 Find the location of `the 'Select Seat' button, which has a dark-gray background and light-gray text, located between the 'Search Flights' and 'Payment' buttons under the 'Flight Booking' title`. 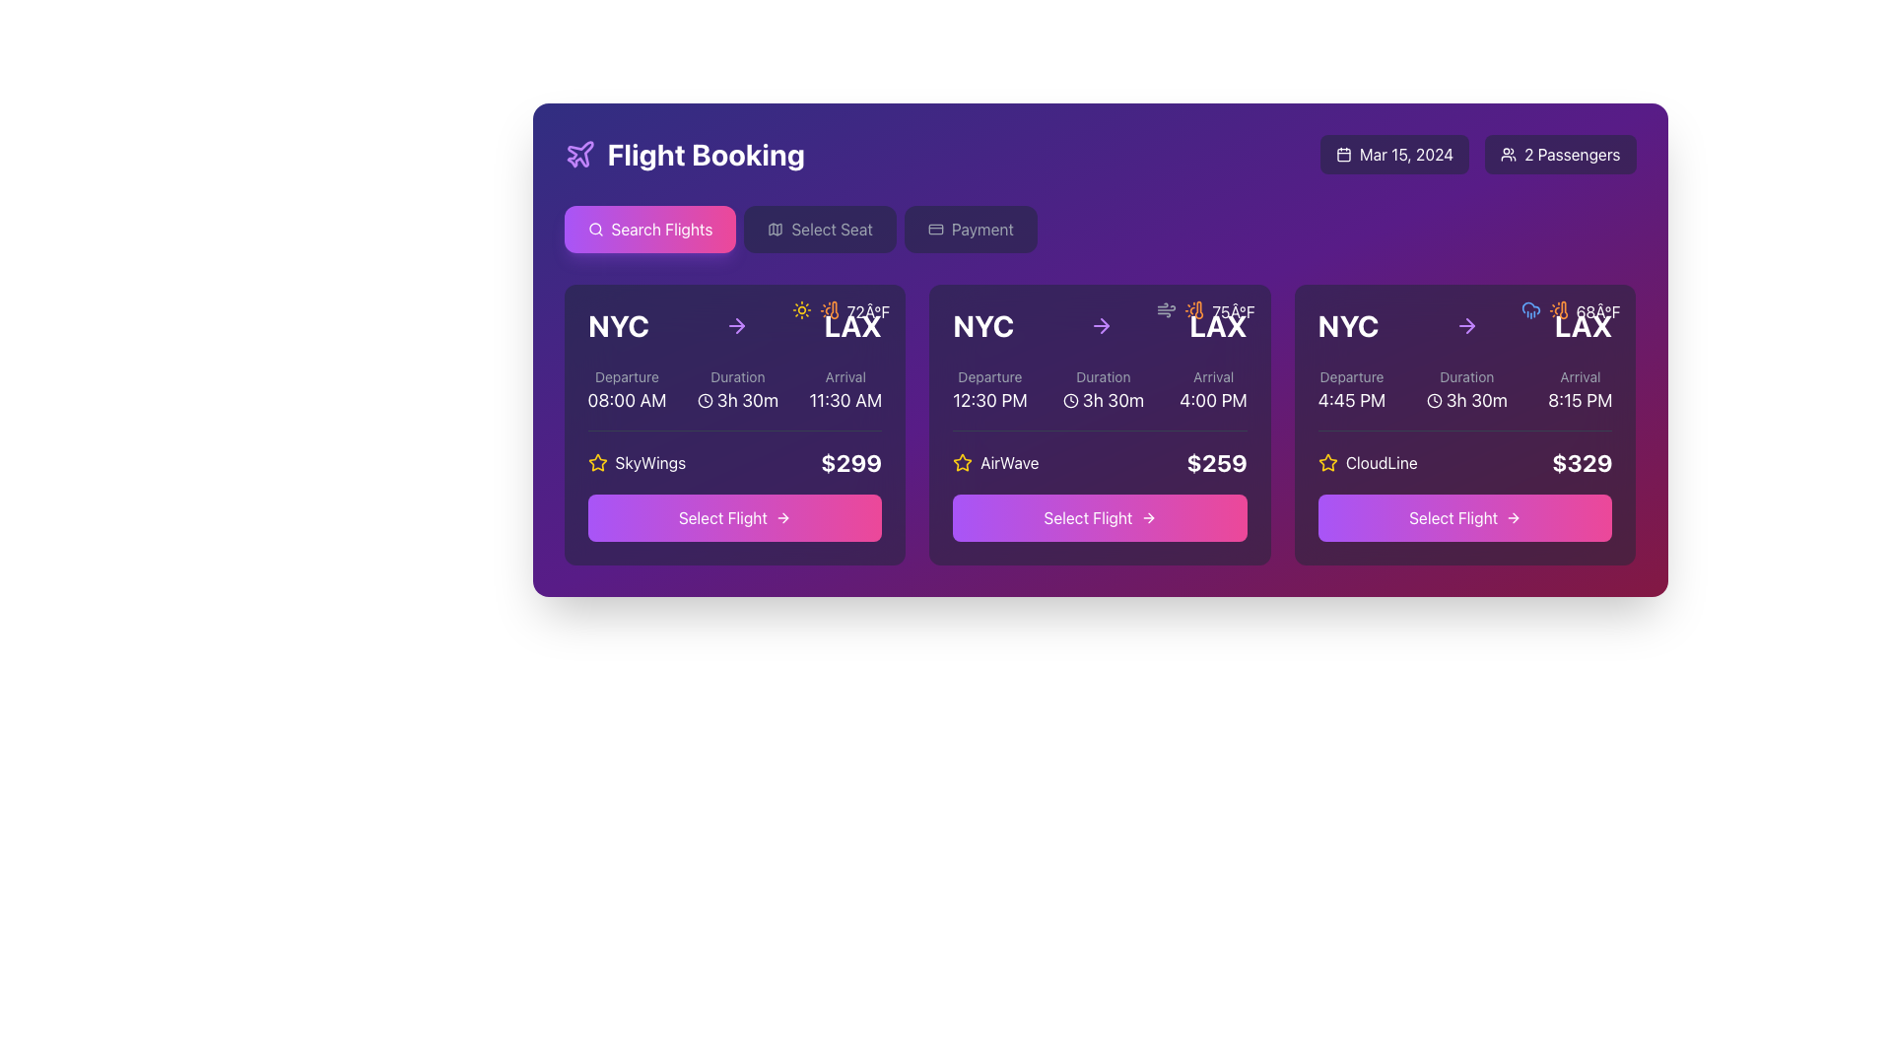

the 'Select Seat' button, which has a dark-gray background and light-gray text, located between the 'Search Flights' and 'Payment' buttons under the 'Flight Booking' title is located at coordinates (820, 228).